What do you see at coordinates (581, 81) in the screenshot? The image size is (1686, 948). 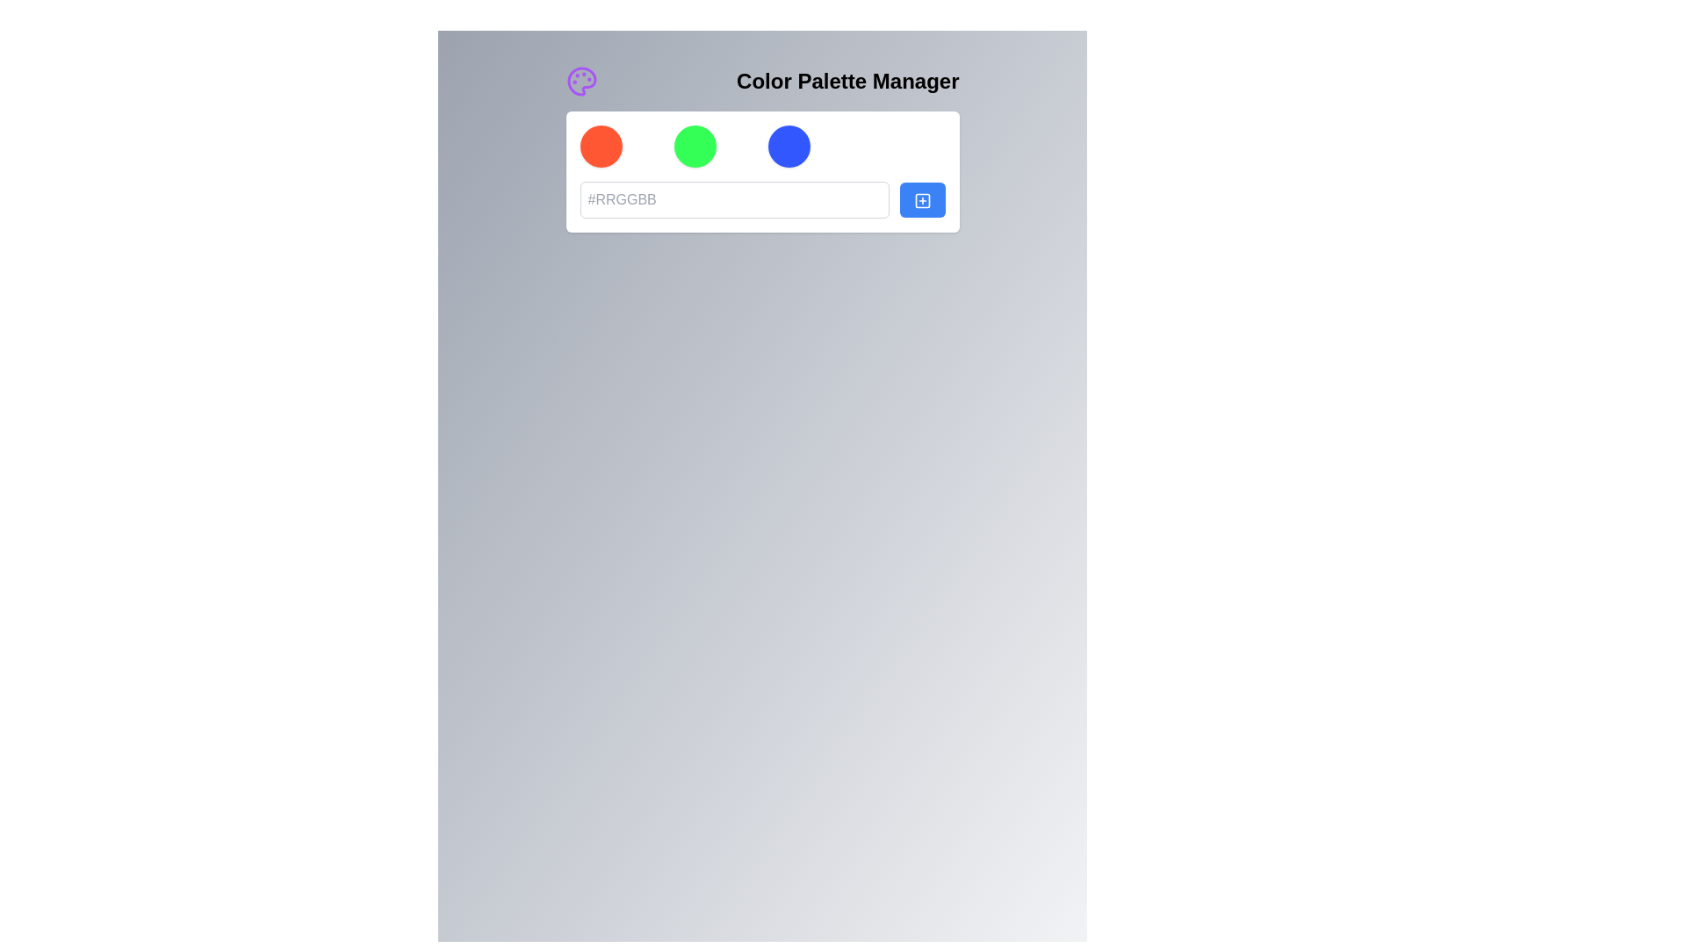 I see `the purple painter's palette icon located to the left of the 'Color Palette Manager' header` at bounding box center [581, 81].